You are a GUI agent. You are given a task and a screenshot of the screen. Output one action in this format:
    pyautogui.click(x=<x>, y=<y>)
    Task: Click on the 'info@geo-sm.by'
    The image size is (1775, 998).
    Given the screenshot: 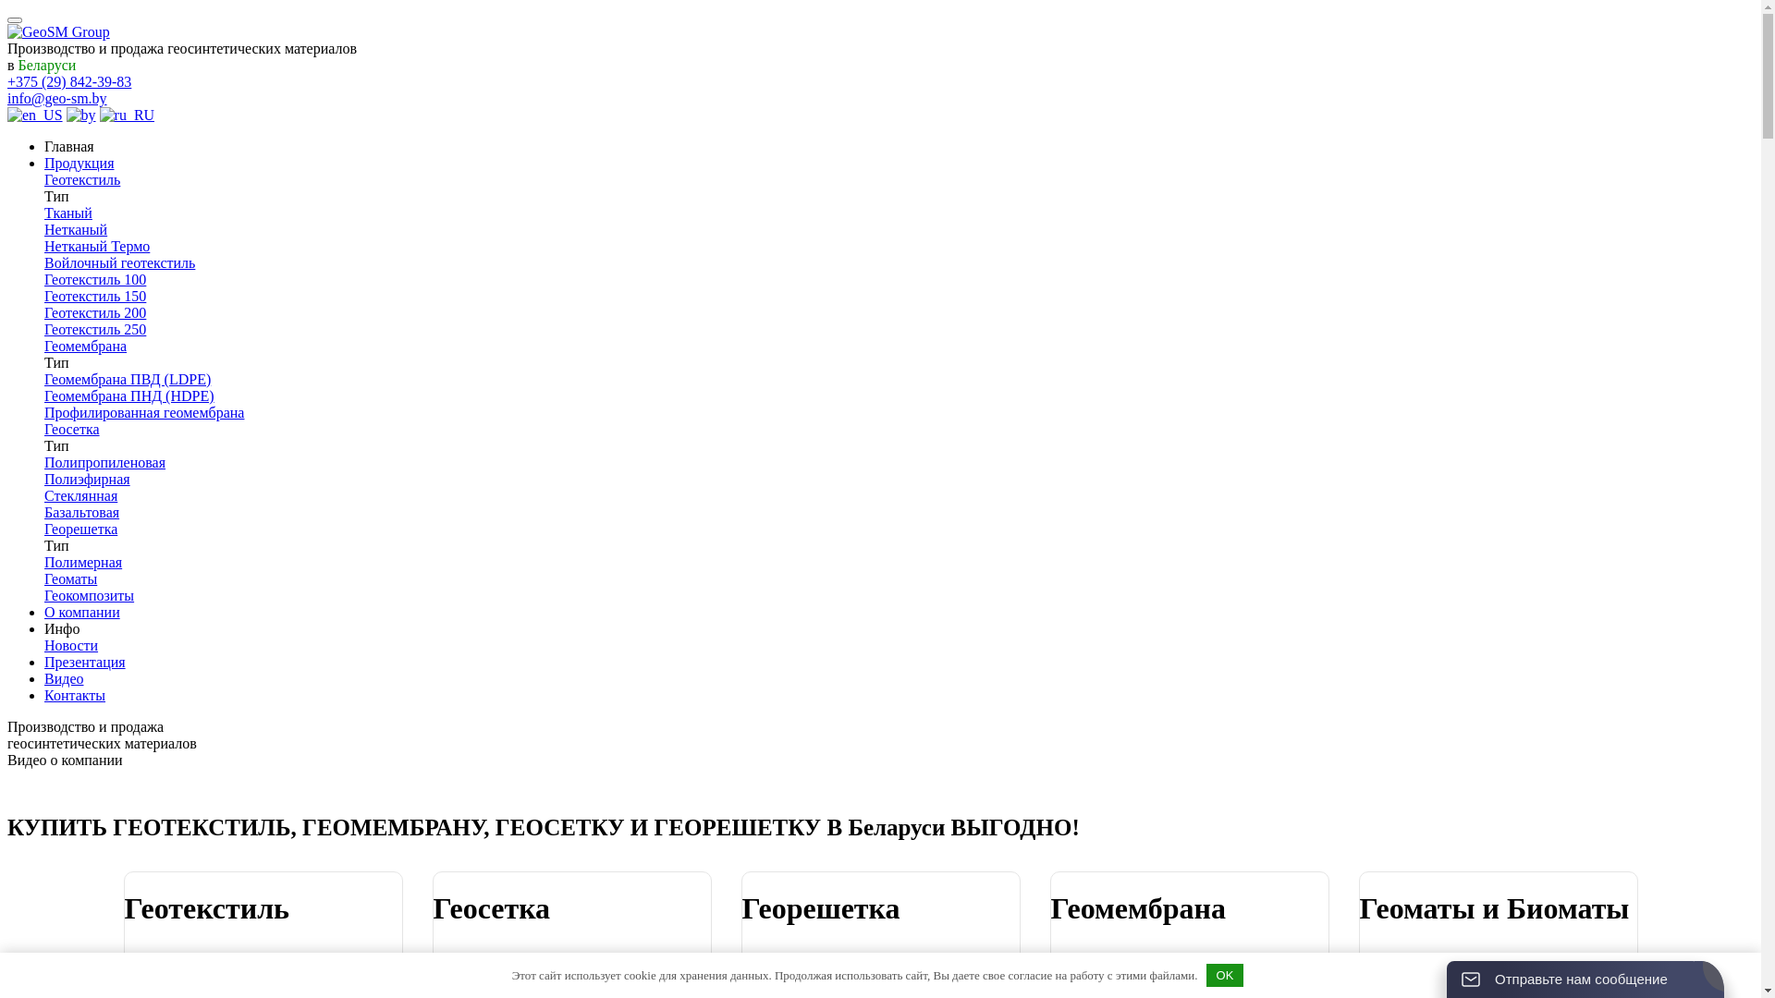 What is the action you would take?
    pyautogui.click(x=57, y=98)
    